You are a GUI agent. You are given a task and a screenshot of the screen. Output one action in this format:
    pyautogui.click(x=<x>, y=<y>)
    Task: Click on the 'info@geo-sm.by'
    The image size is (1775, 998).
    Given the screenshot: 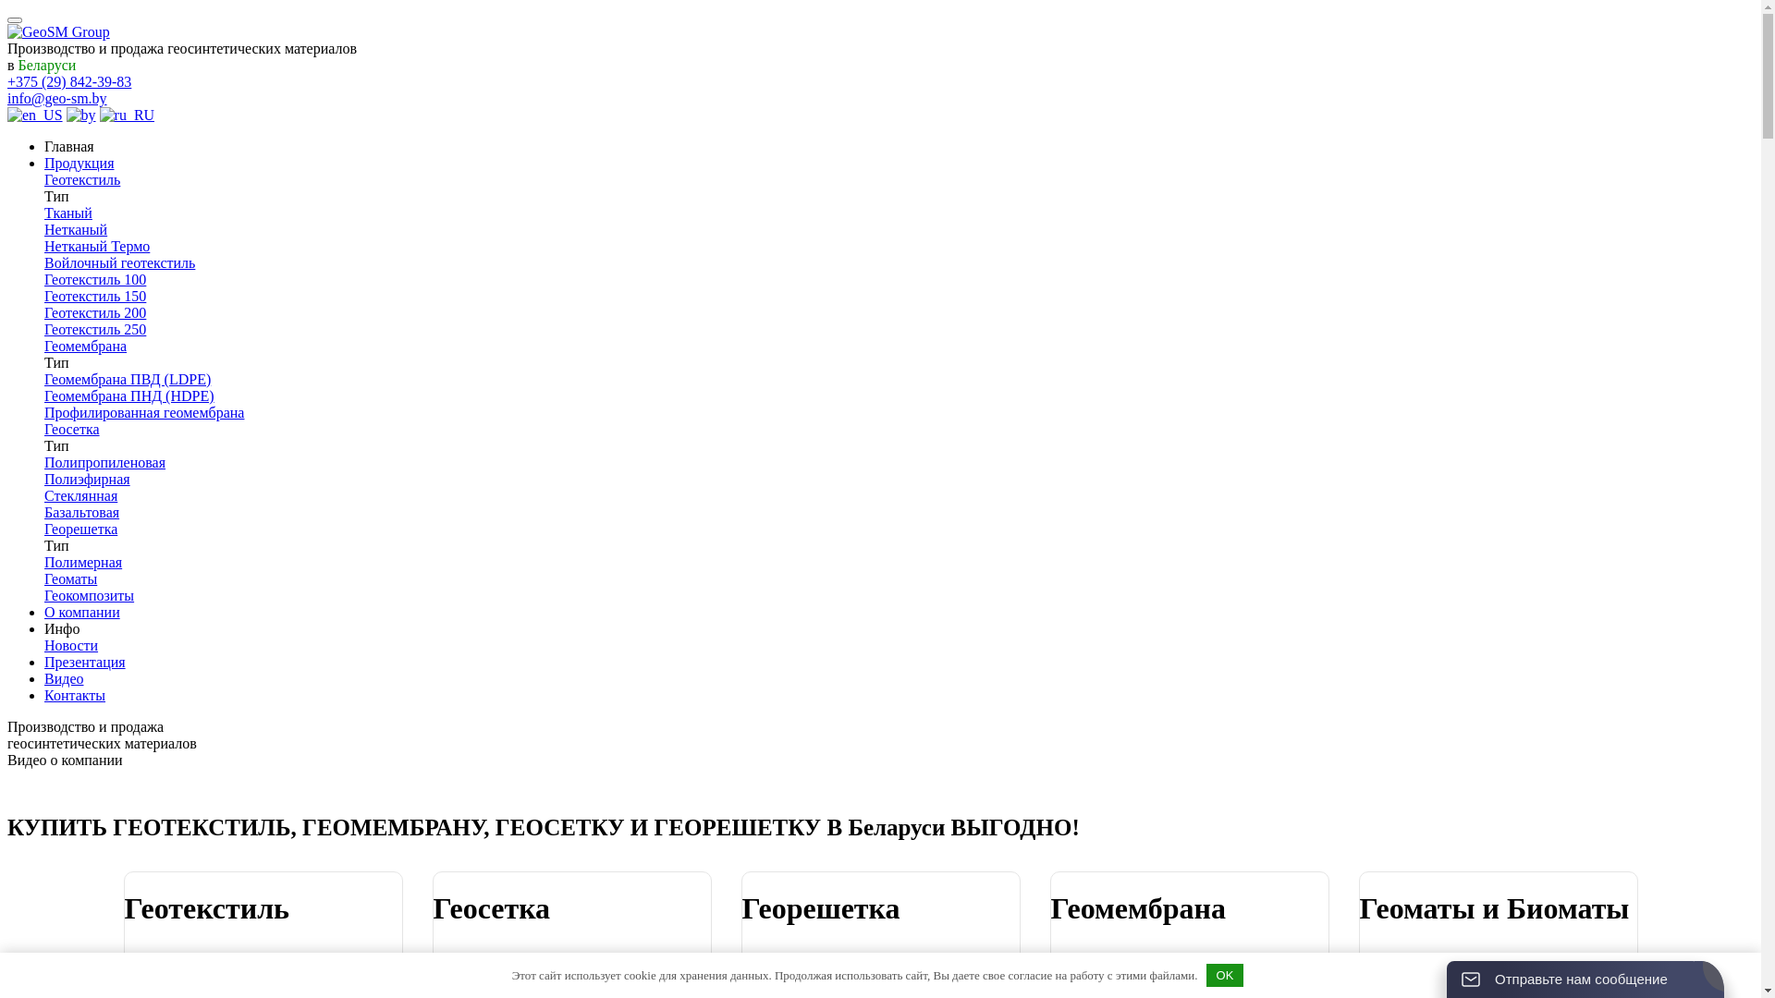 What is the action you would take?
    pyautogui.click(x=57, y=98)
    